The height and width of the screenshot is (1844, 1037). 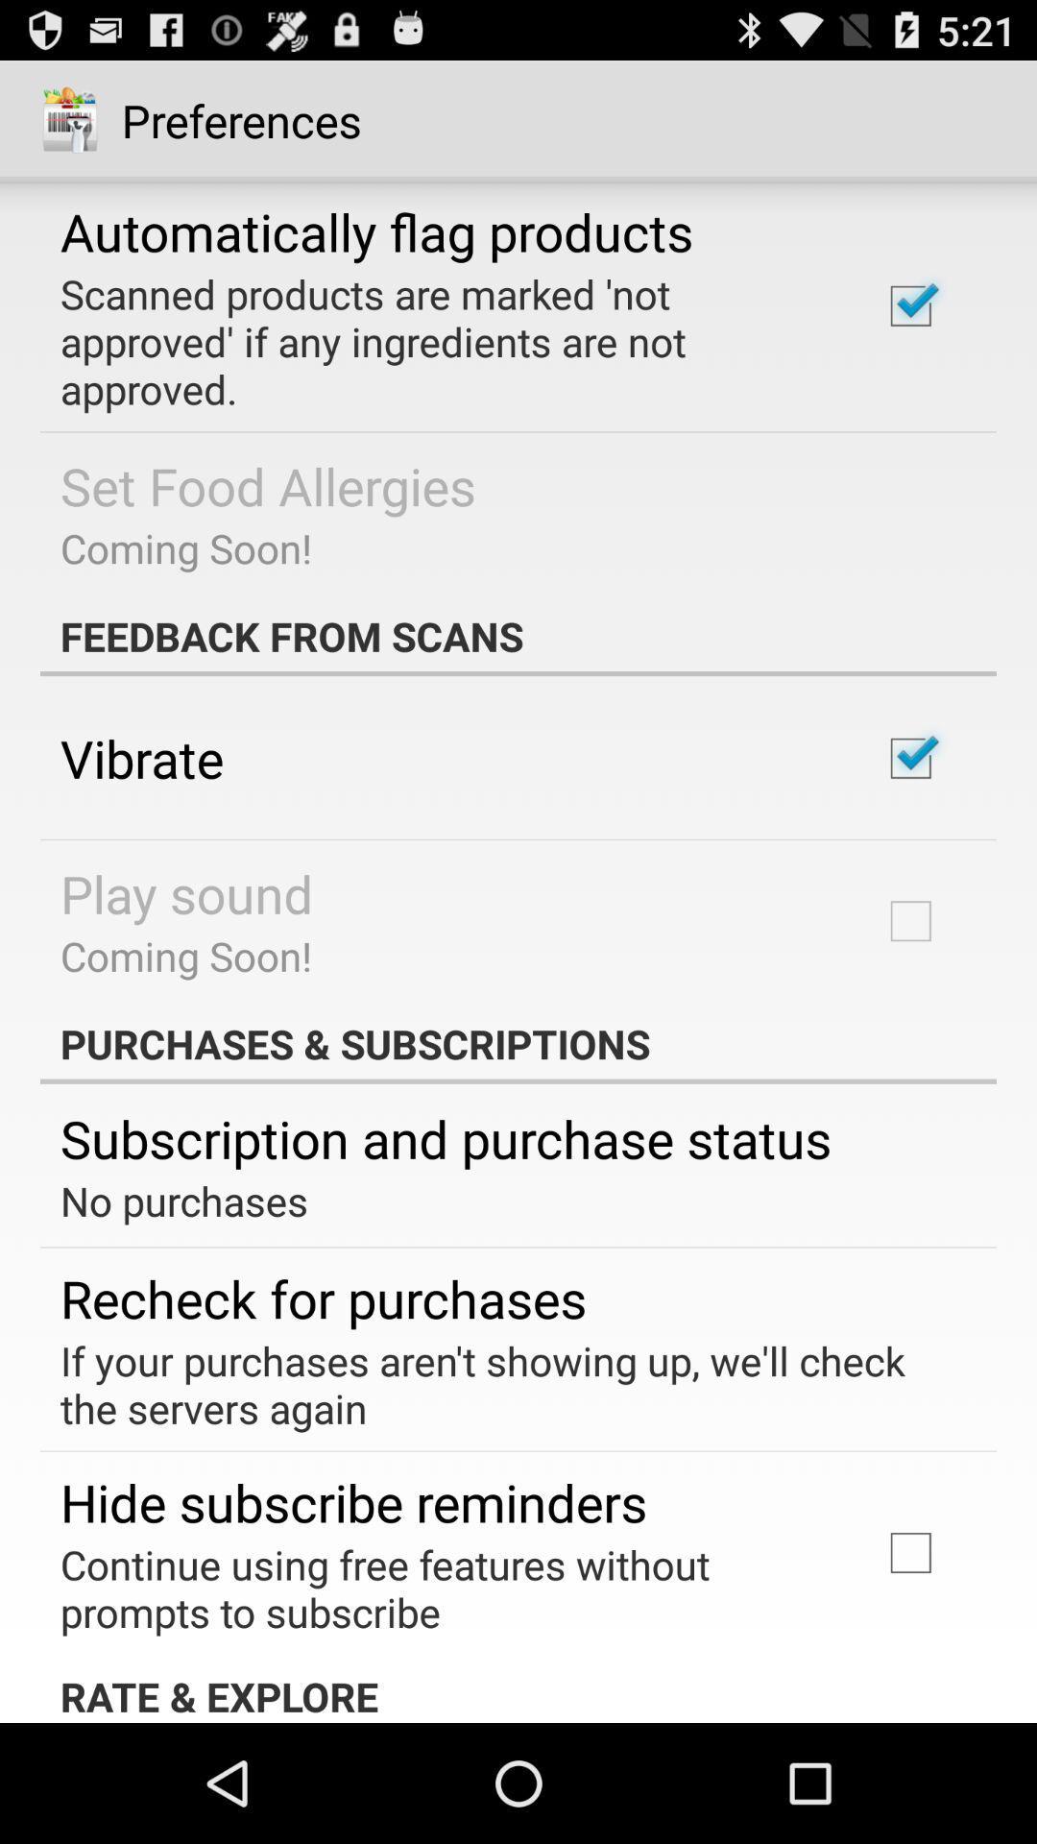 What do you see at coordinates (445, 1588) in the screenshot?
I see `the continue using free app` at bounding box center [445, 1588].